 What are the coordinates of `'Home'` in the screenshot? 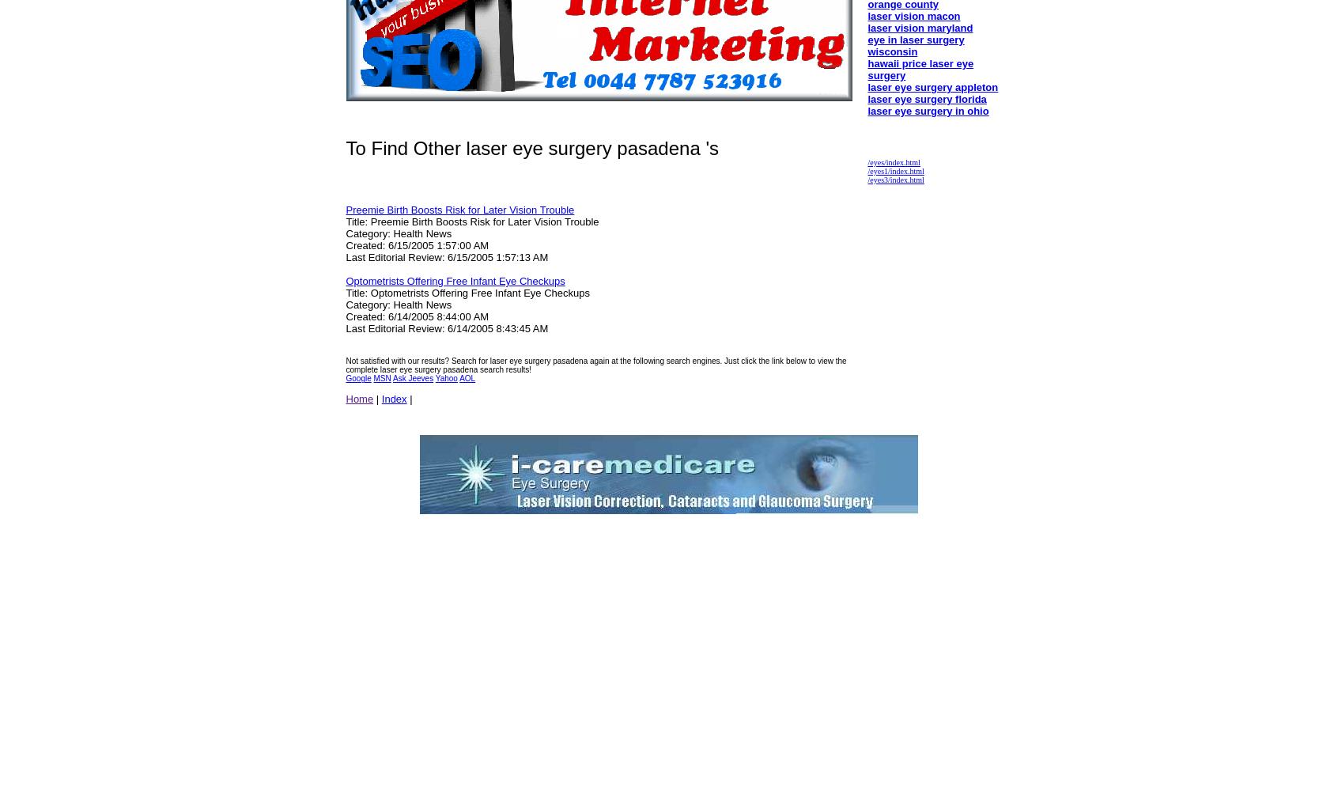 It's located at (345, 399).